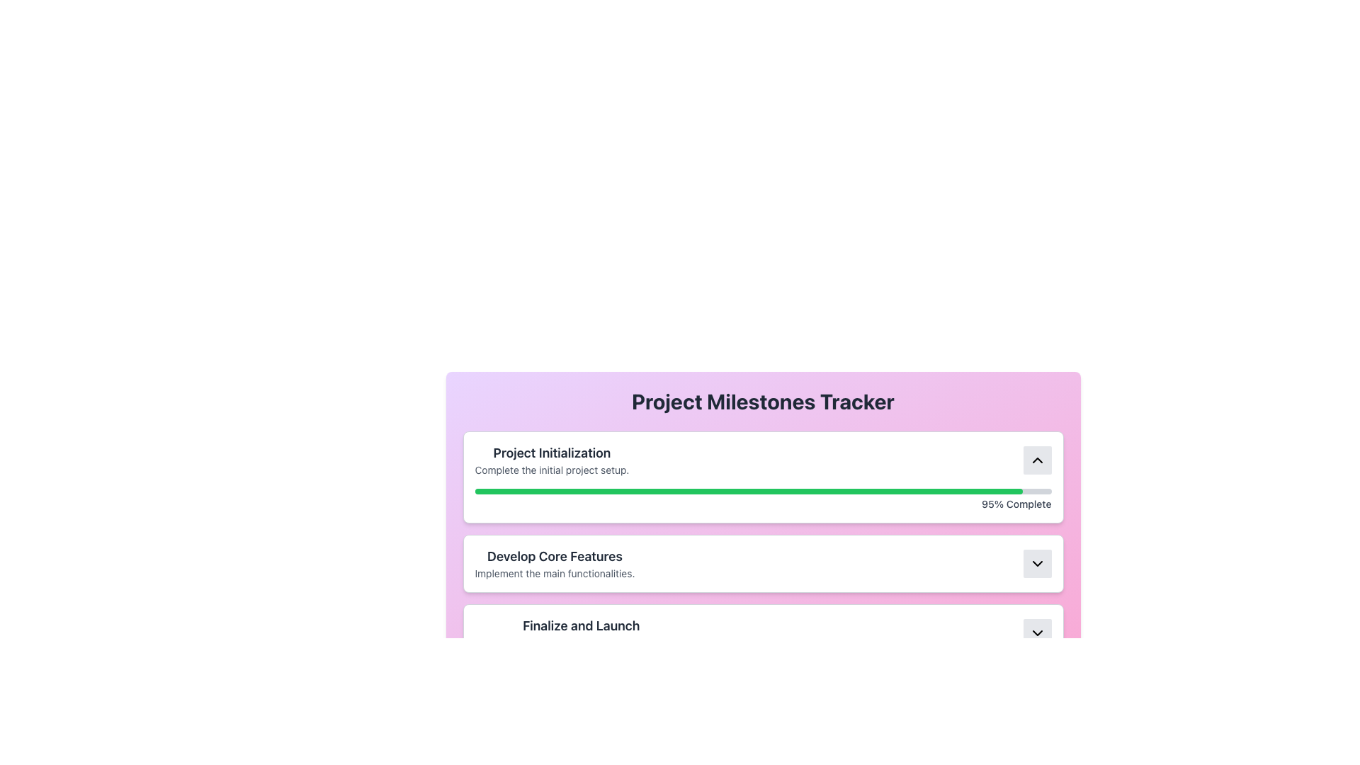 The image size is (1360, 765). Describe the element at coordinates (581, 633) in the screenshot. I see `the Combined heading and description text block that displays 'Finalize and Launch' along with the description 'Ensure all tasks are closed before deployment.'` at that location.